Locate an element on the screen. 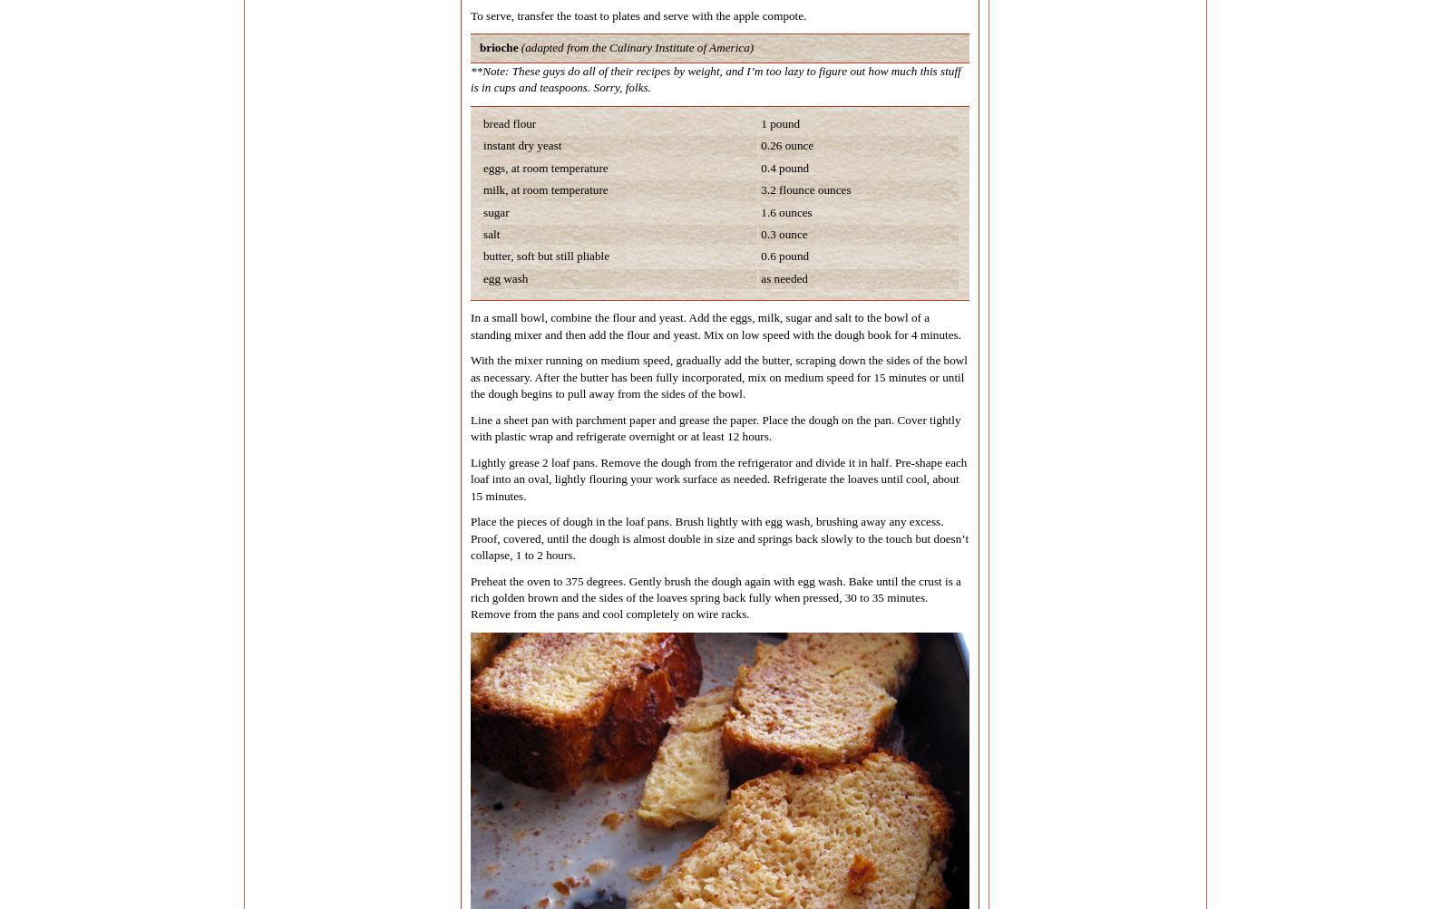  '0.3 ounce' is located at coordinates (783, 234).